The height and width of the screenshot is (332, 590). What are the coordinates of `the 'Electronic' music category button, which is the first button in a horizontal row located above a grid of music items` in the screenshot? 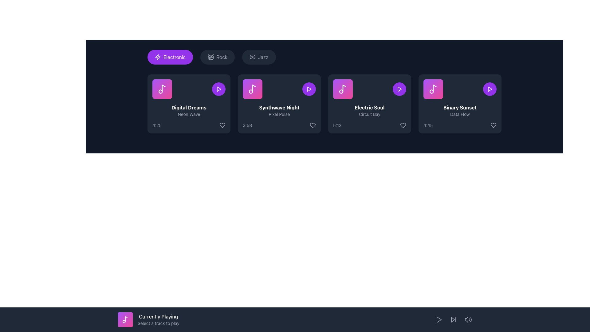 It's located at (170, 57).